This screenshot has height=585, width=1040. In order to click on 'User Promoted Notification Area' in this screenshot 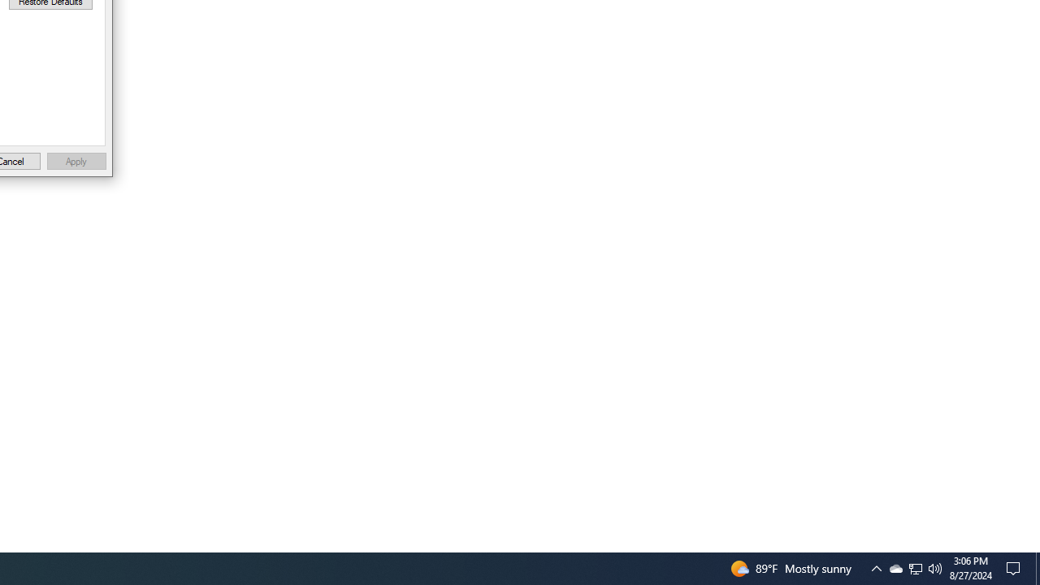, I will do `click(916, 567)`.